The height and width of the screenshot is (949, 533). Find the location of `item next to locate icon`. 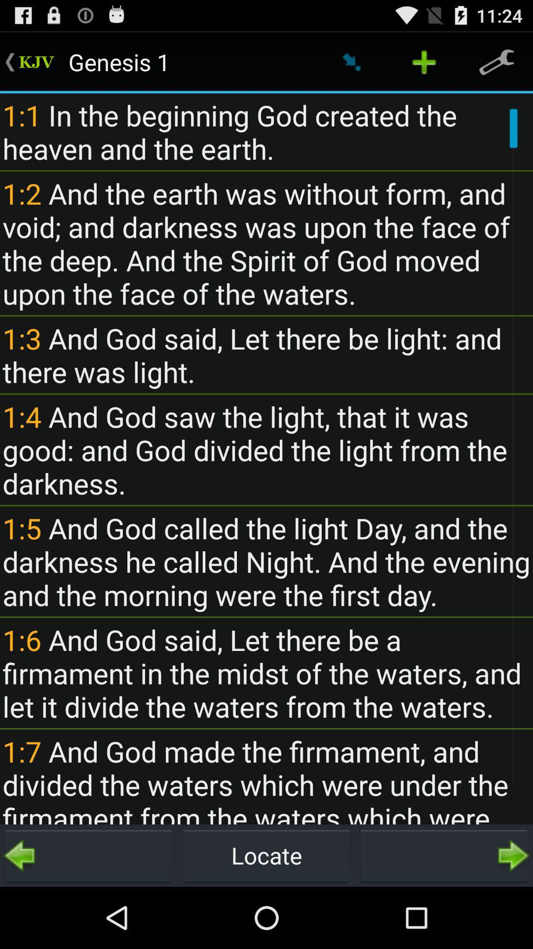

item next to locate icon is located at coordinates (89, 855).